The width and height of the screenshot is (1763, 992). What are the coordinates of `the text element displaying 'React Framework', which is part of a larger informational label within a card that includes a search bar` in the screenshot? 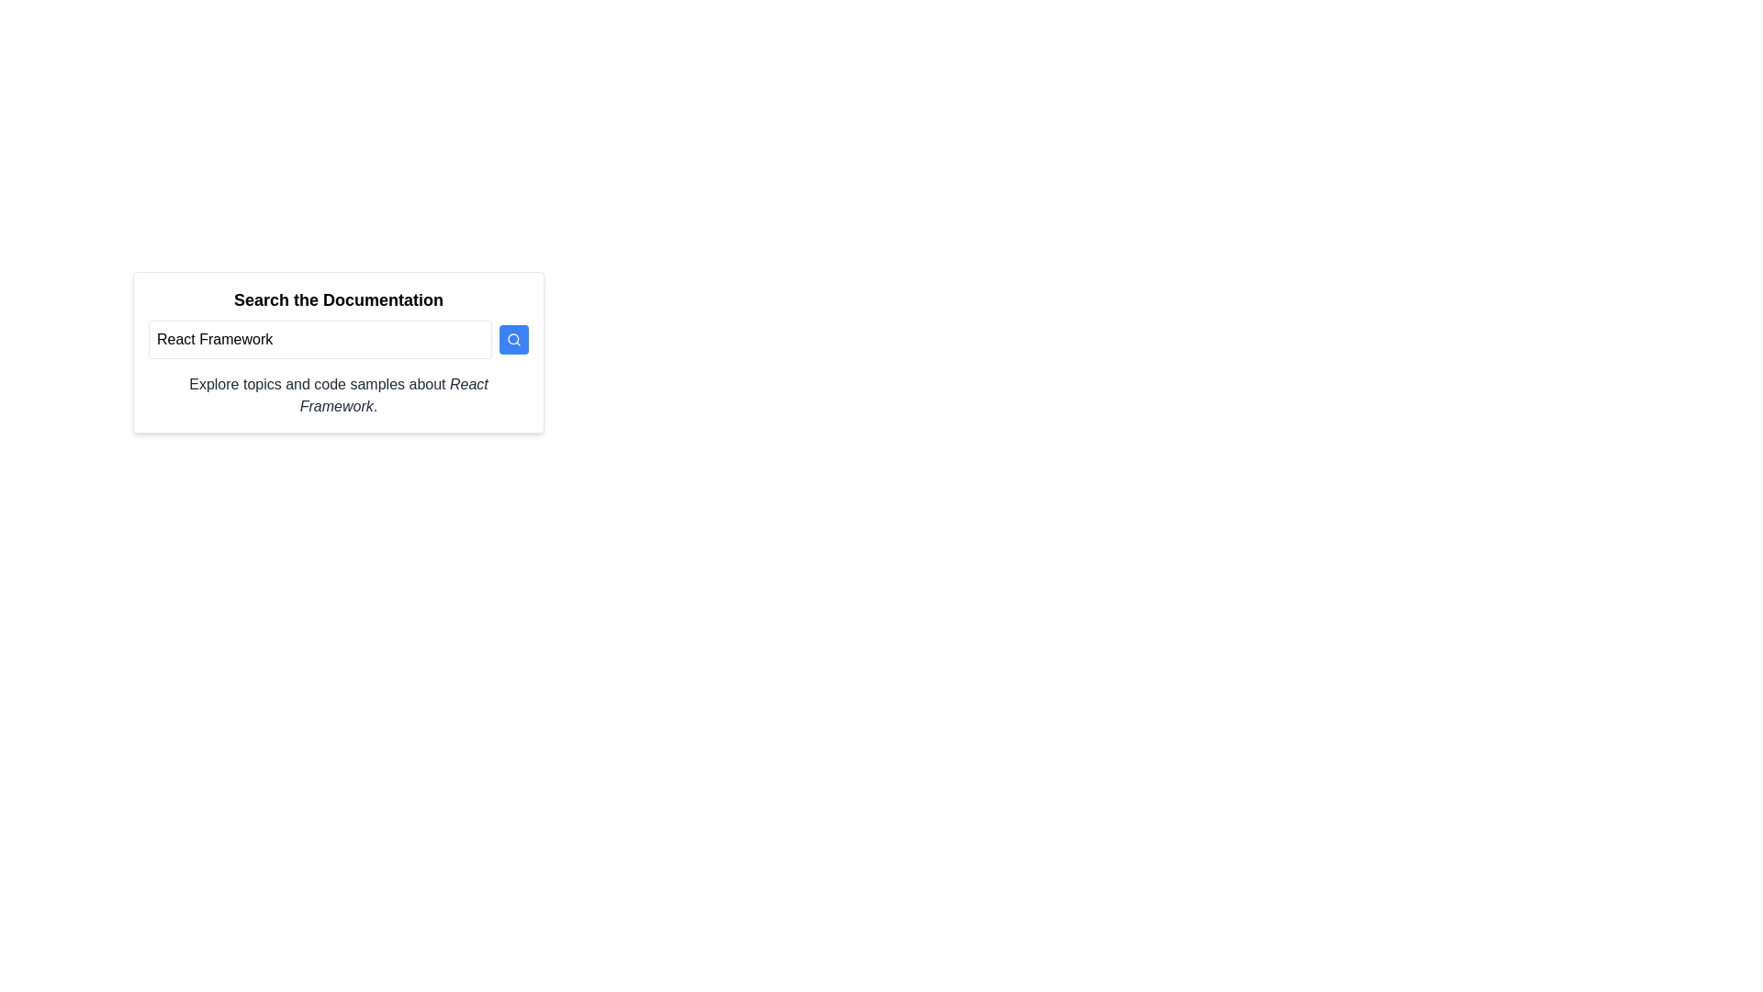 It's located at (393, 394).